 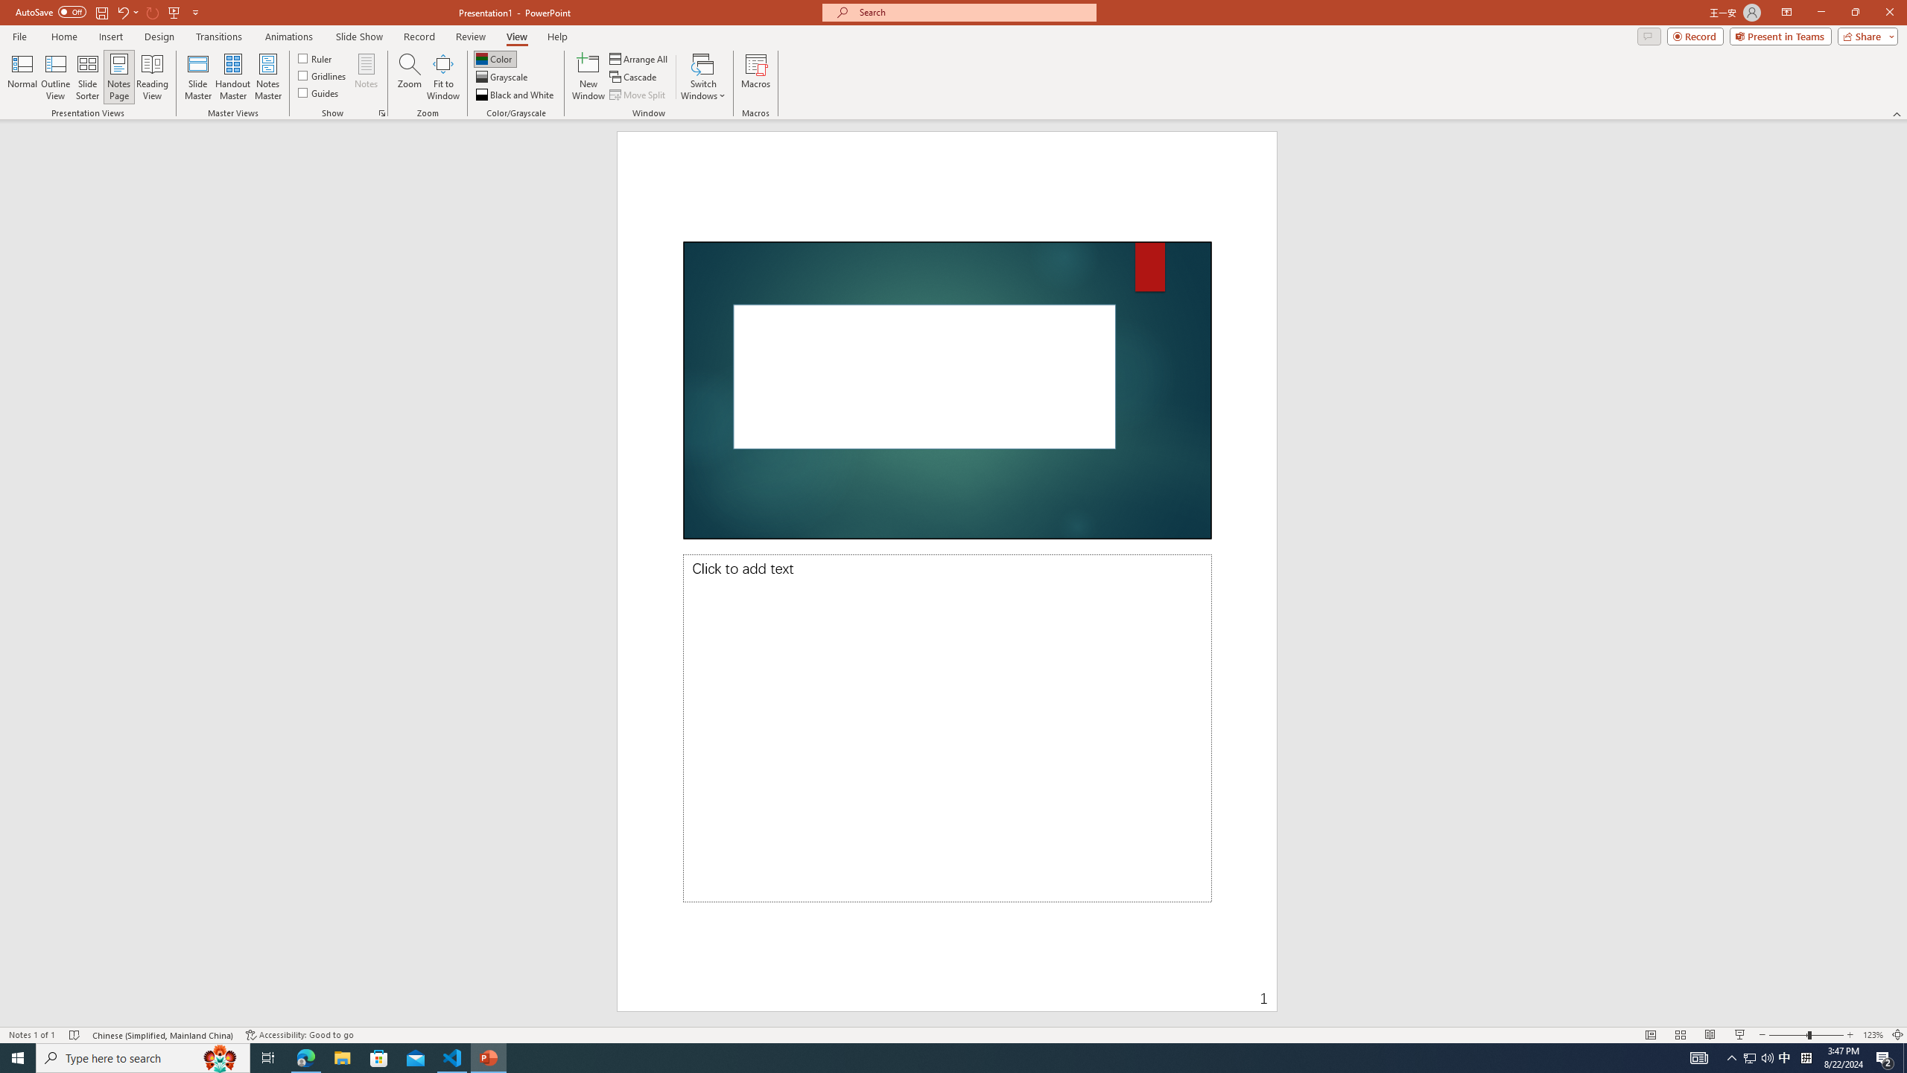 What do you see at coordinates (174, 11) in the screenshot?
I see `'From Beginning'` at bounding box center [174, 11].